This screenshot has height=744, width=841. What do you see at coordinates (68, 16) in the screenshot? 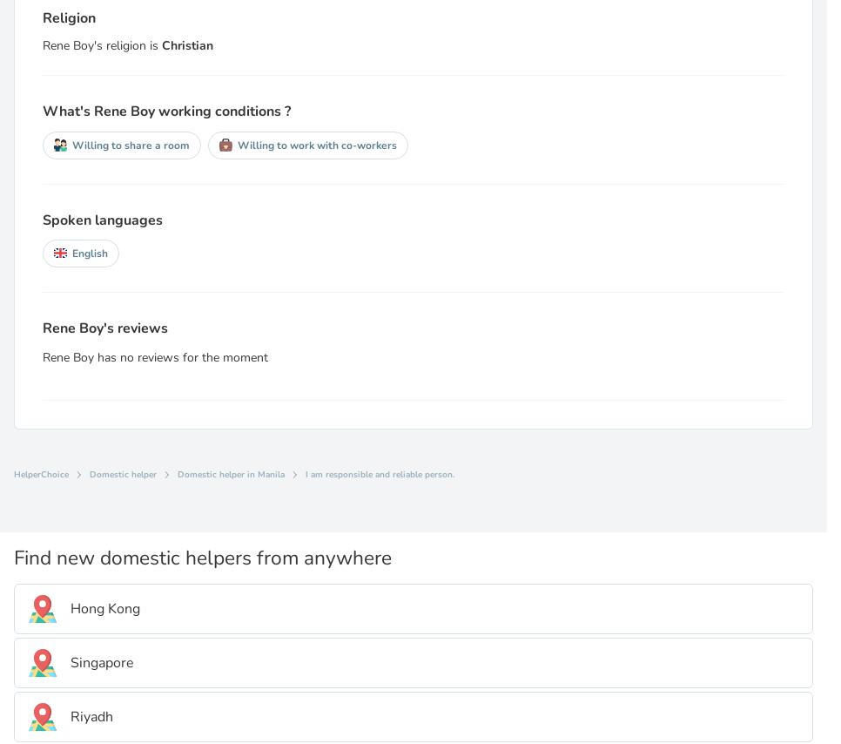
I see `'Religion'` at bounding box center [68, 16].